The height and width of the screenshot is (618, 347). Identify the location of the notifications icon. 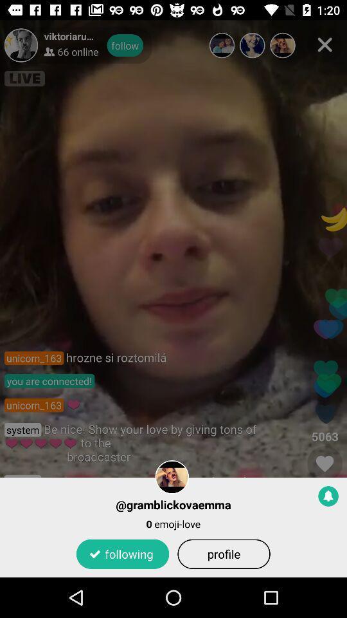
(328, 531).